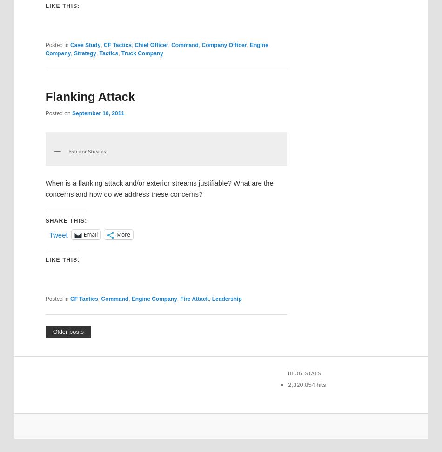  Describe the element at coordinates (108, 53) in the screenshot. I see `'Tactics'` at that location.